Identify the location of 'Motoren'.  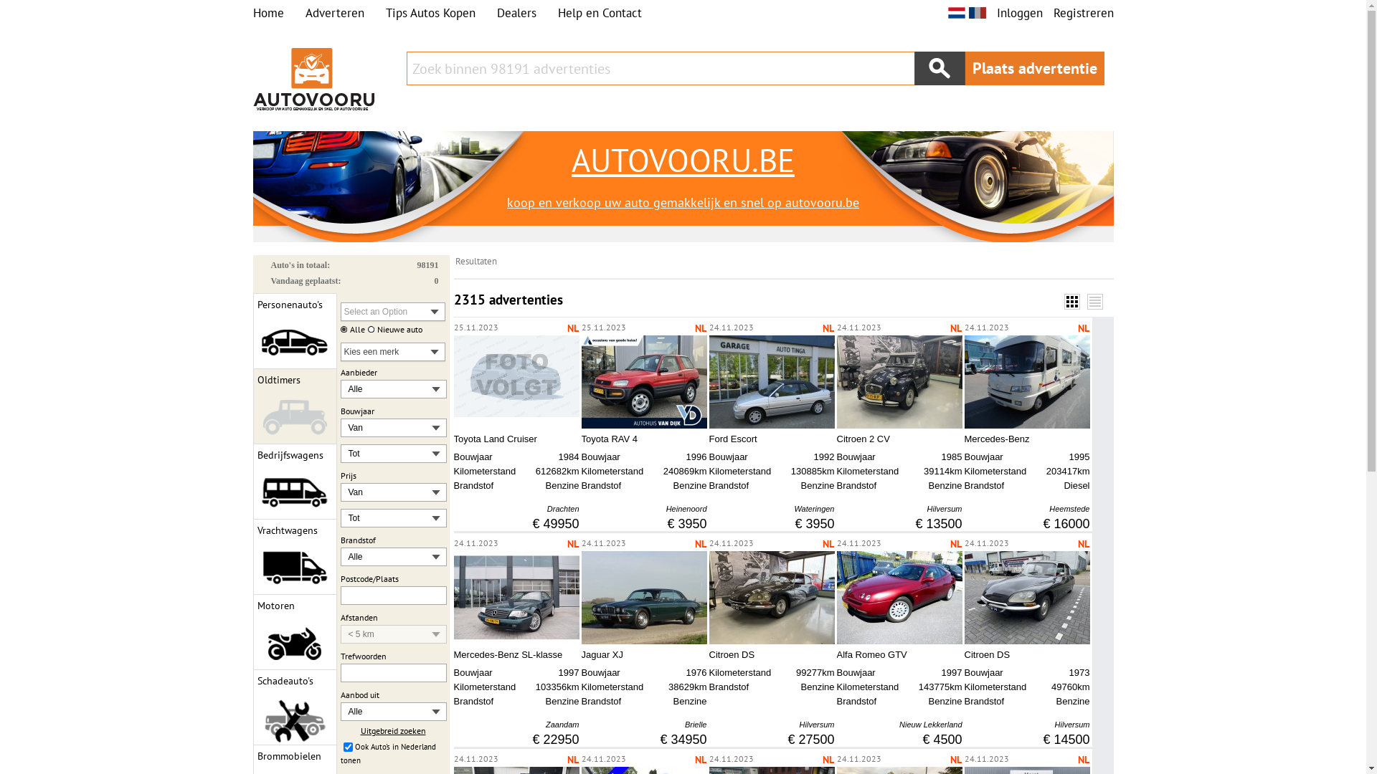
(293, 631).